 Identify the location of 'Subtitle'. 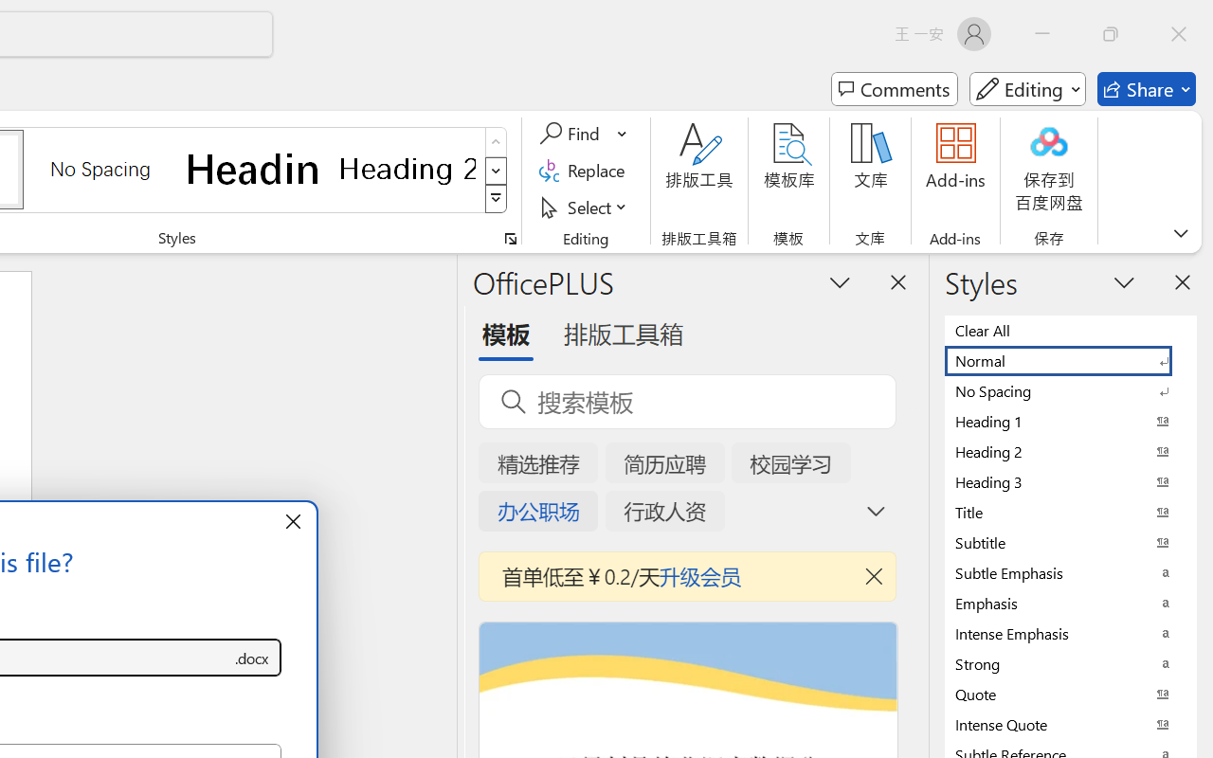
(1071, 541).